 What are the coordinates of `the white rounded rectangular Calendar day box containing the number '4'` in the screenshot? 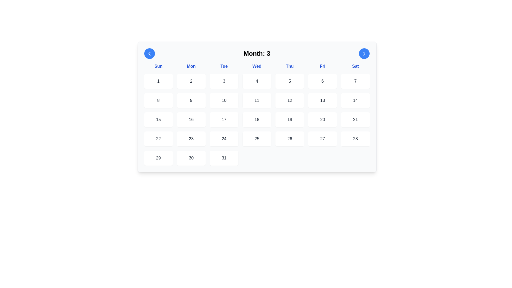 It's located at (257, 81).